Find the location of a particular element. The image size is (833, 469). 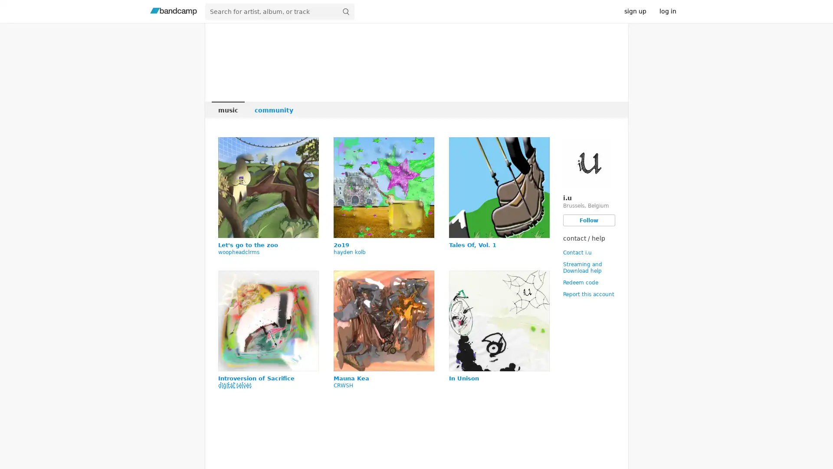

Follow is located at coordinates (589, 220).